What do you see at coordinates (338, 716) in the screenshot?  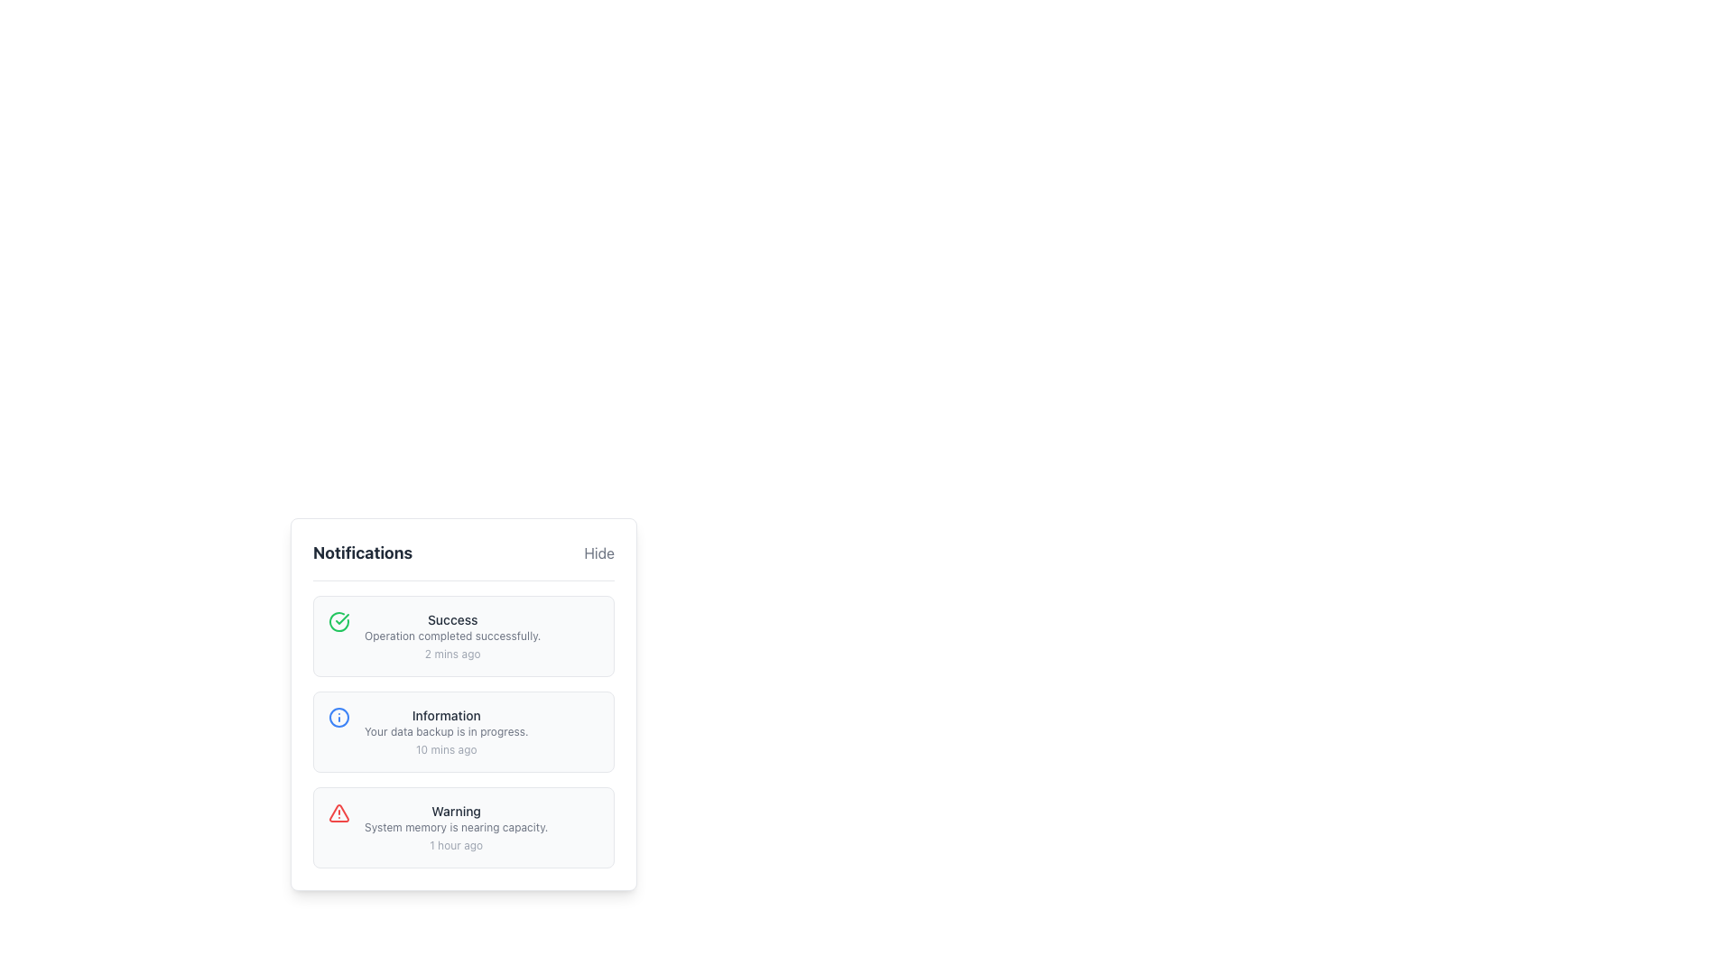 I see `the informational message icon located on the left side of the second notification card, next to the text 'Information Your data backup is in progress. 10 mins ago.'` at bounding box center [338, 716].